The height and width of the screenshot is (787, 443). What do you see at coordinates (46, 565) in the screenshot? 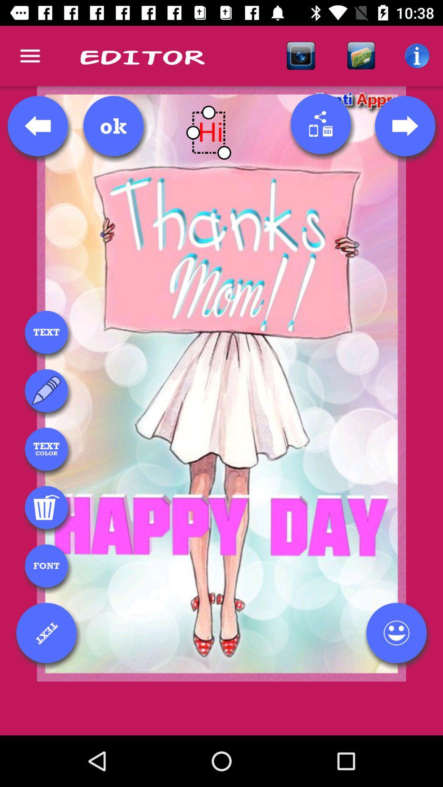
I see `font menu` at bounding box center [46, 565].